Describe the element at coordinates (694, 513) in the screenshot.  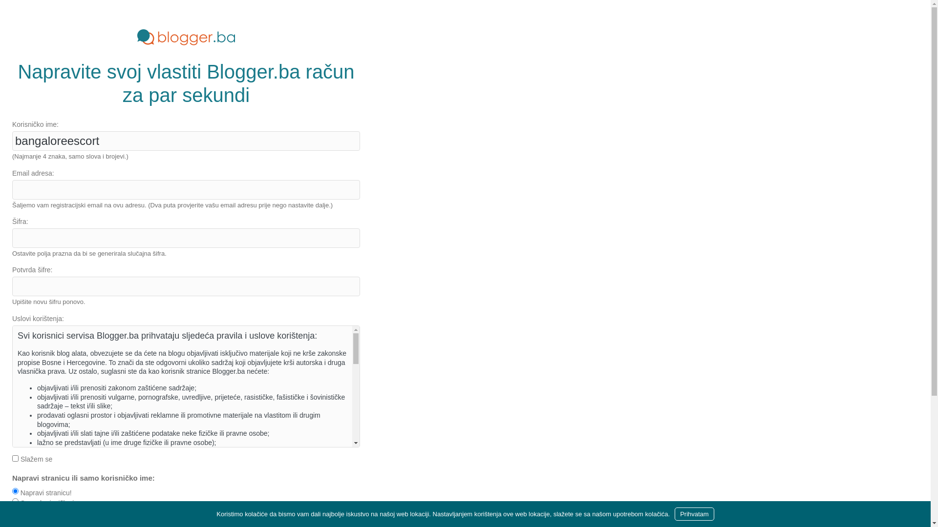
I see `'Prihvatam'` at that location.